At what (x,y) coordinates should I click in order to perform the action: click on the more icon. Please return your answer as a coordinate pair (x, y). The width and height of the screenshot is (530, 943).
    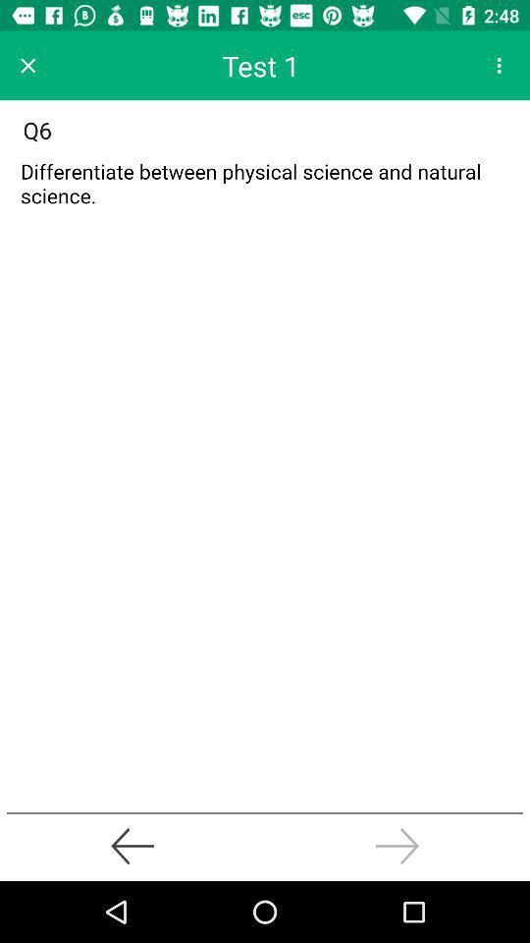
    Looking at the image, I should click on (499, 65).